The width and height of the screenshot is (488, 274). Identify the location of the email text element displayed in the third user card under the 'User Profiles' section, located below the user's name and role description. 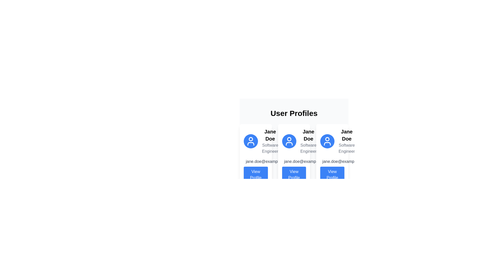
(332, 161).